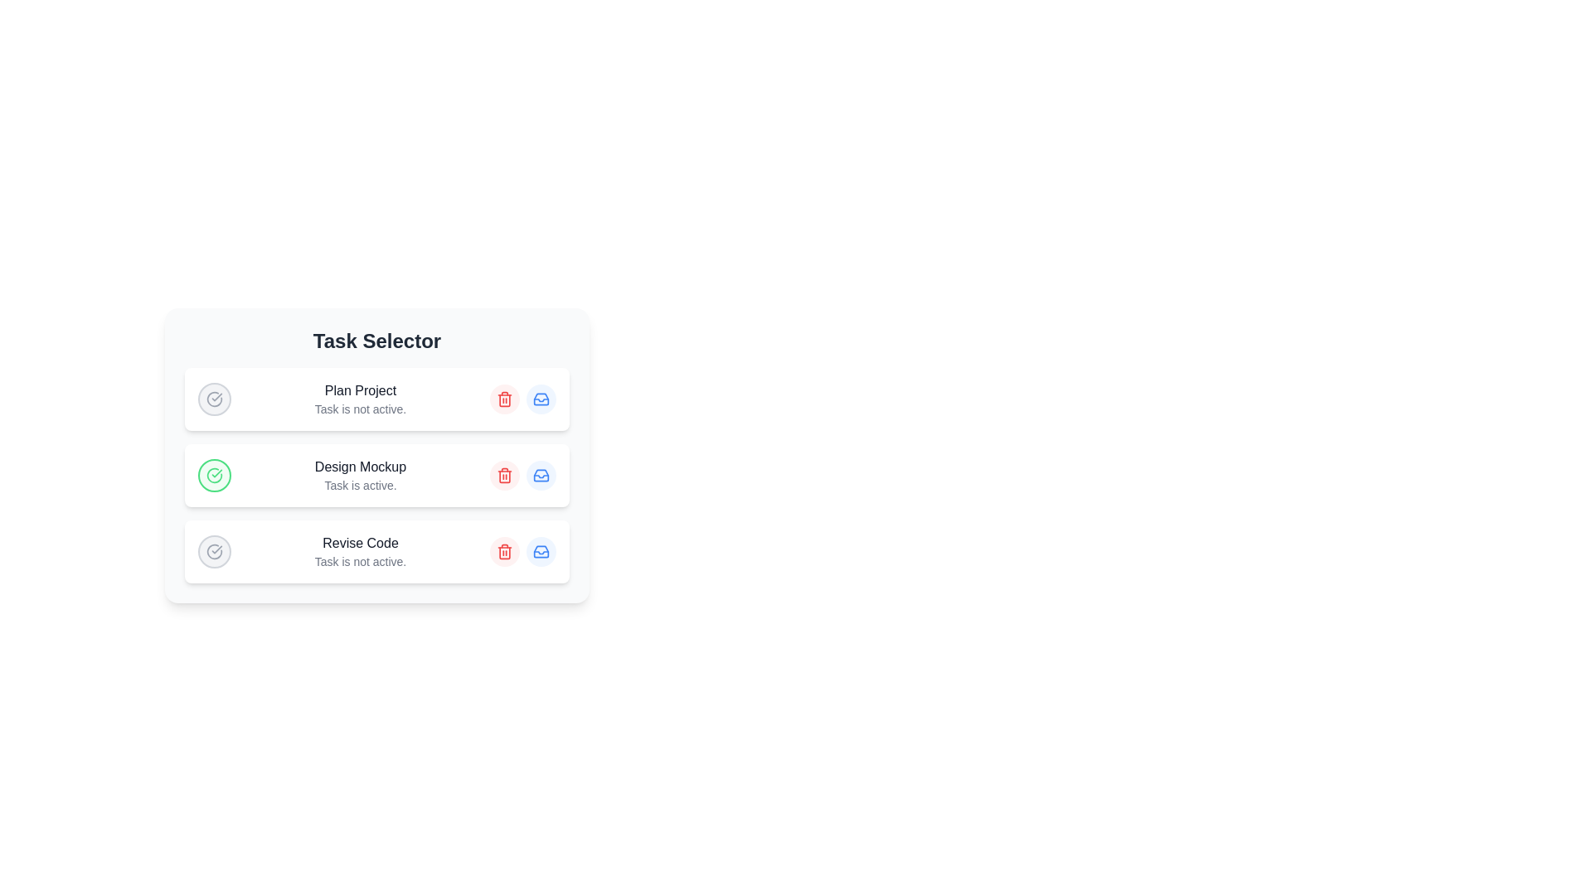  I want to click on the circular button with a light blue background and blue outline of an inbox icon, which is the last button in the row for the 'Revise Code' task, so click(541, 552).